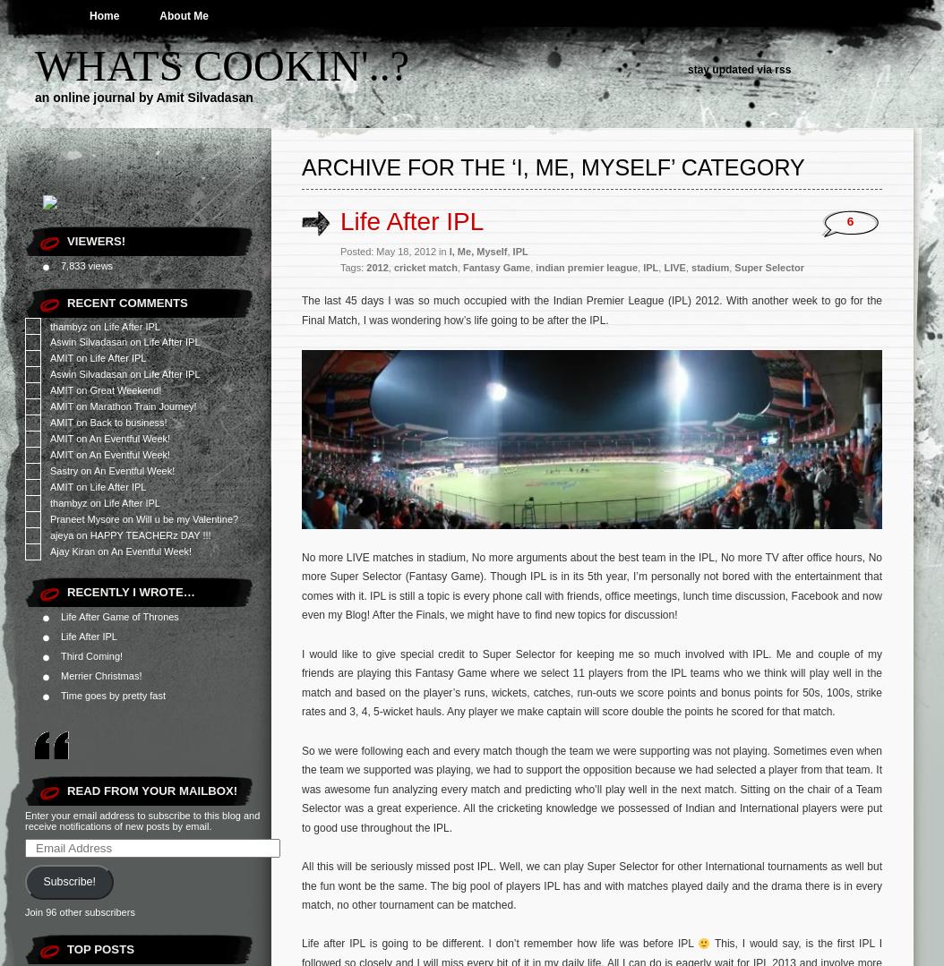 The height and width of the screenshot is (966, 944). I want to click on 'an online journal by Amit Silvadasan', so click(34, 97).